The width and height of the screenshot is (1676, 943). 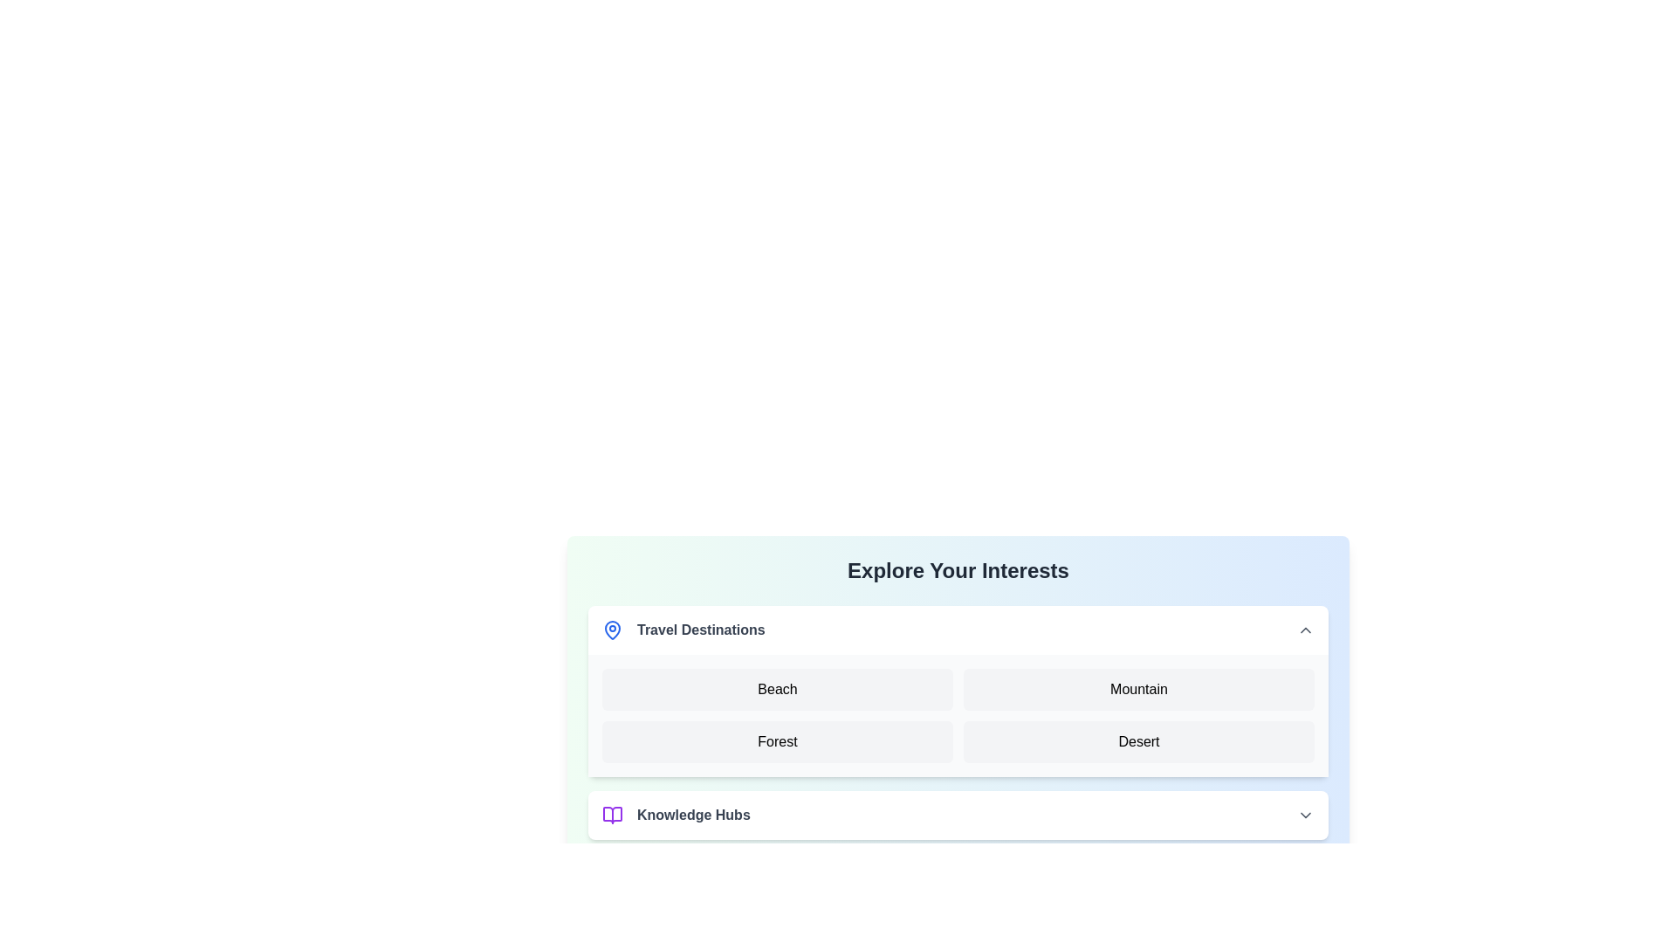 What do you see at coordinates (1139, 689) in the screenshot?
I see `the 'Mountain' selection button located in the second column of the top row of the grid layout` at bounding box center [1139, 689].